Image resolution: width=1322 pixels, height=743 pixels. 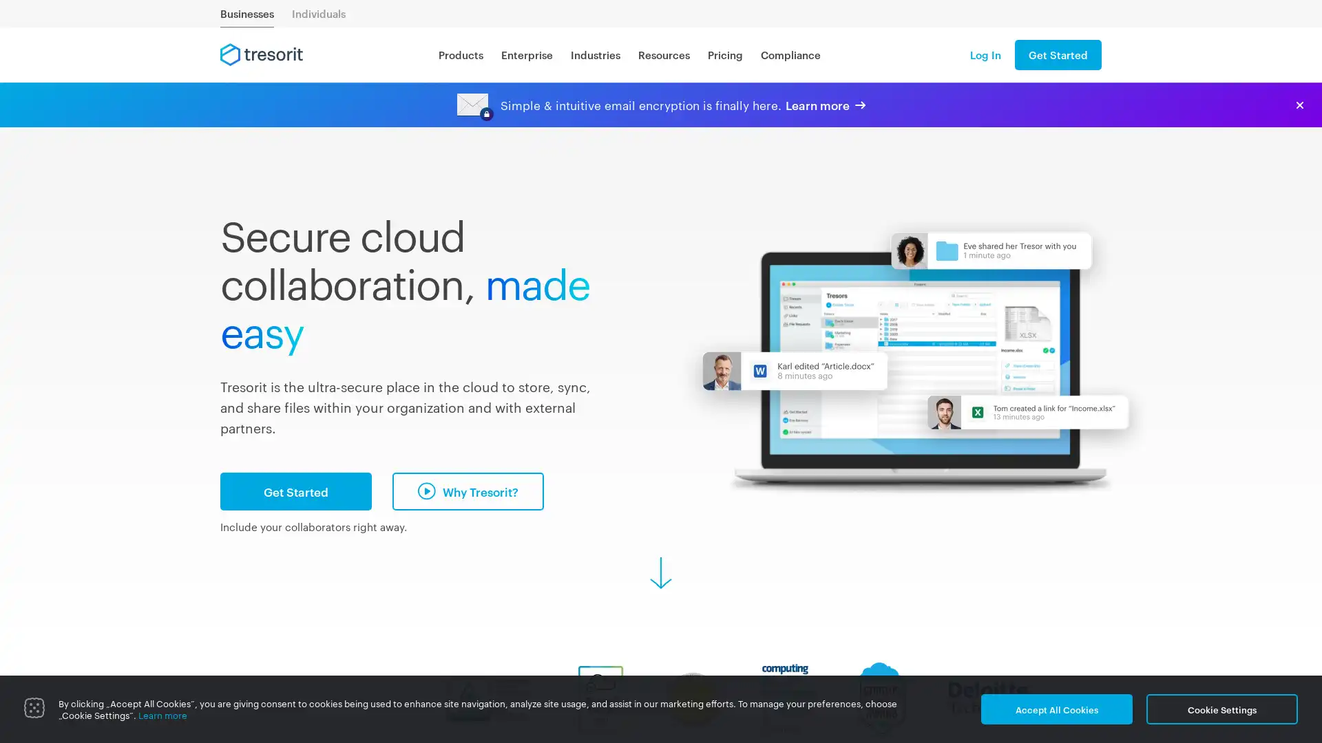 What do you see at coordinates (1056, 709) in the screenshot?
I see `Accept All Cookies` at bounding box center [1056, 709].